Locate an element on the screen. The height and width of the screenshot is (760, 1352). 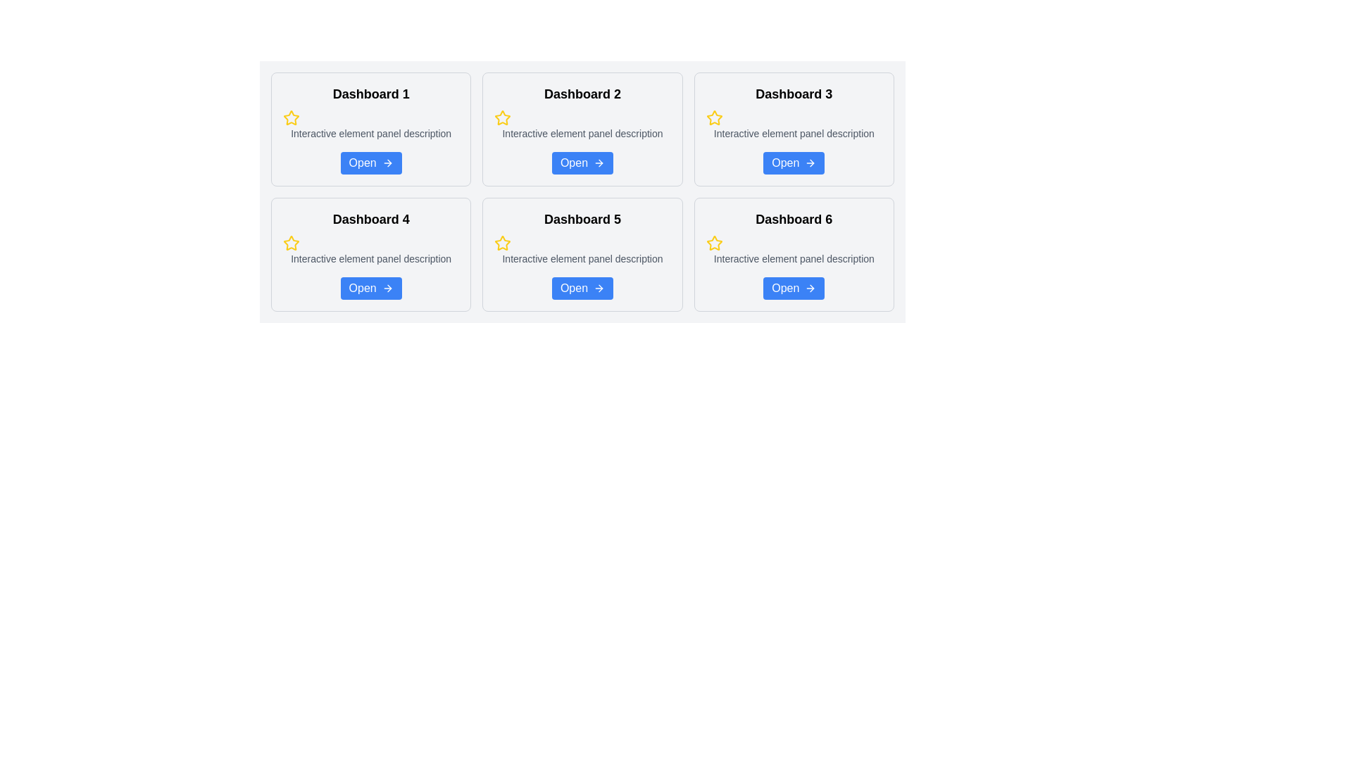
the text label reading 'Interactive element panel description', which is located beneath 'Dashboard 4' and above the 'Open' button is located at coordinates (371, 258).